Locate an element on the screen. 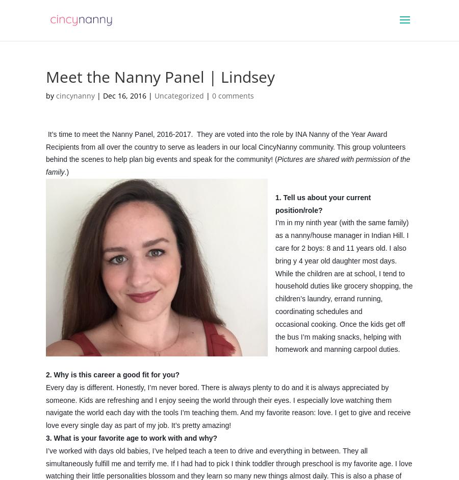 The width and height of the screenshot is (459, 480). '.' is located at coordinates (275, 362).